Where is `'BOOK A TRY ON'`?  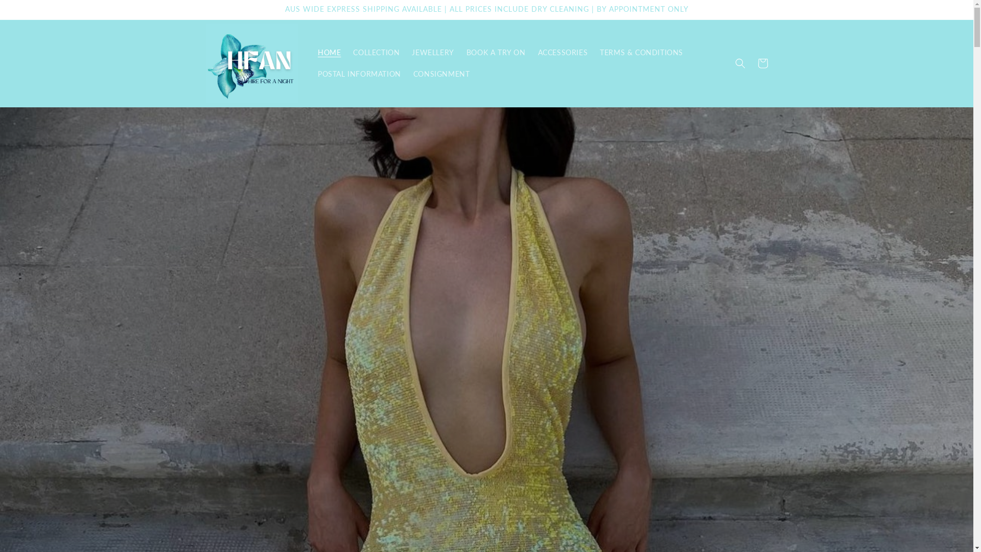 'BOOK A TRY ON' is located at coordinates (496, 53).